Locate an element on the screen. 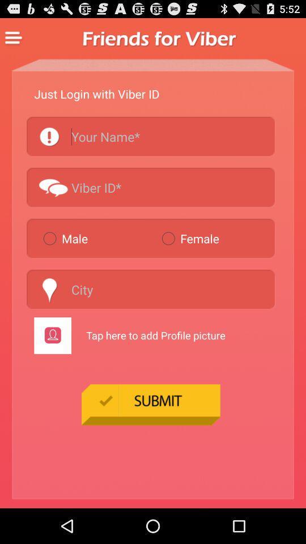 The image size is (306, 544). submit button is located at coordinates (151, 404).